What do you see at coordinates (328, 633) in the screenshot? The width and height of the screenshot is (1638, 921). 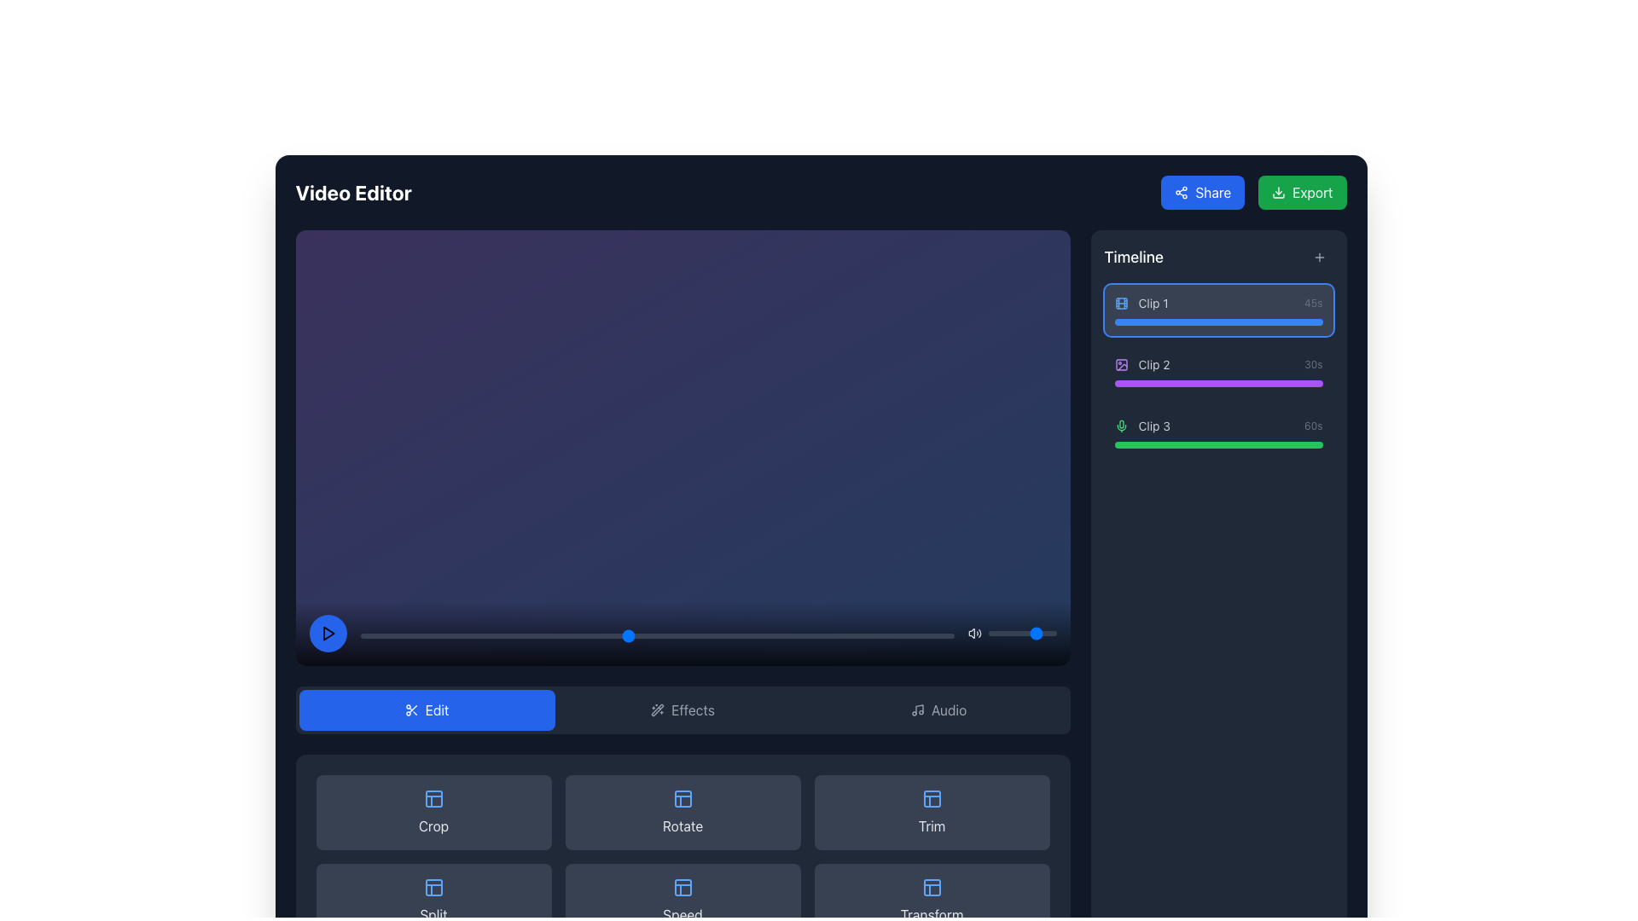 I see `the triangular play icon, which is outlined in blue and located within a circular button in the lower-left corner of the video player area` at bounding box center [328, 633].